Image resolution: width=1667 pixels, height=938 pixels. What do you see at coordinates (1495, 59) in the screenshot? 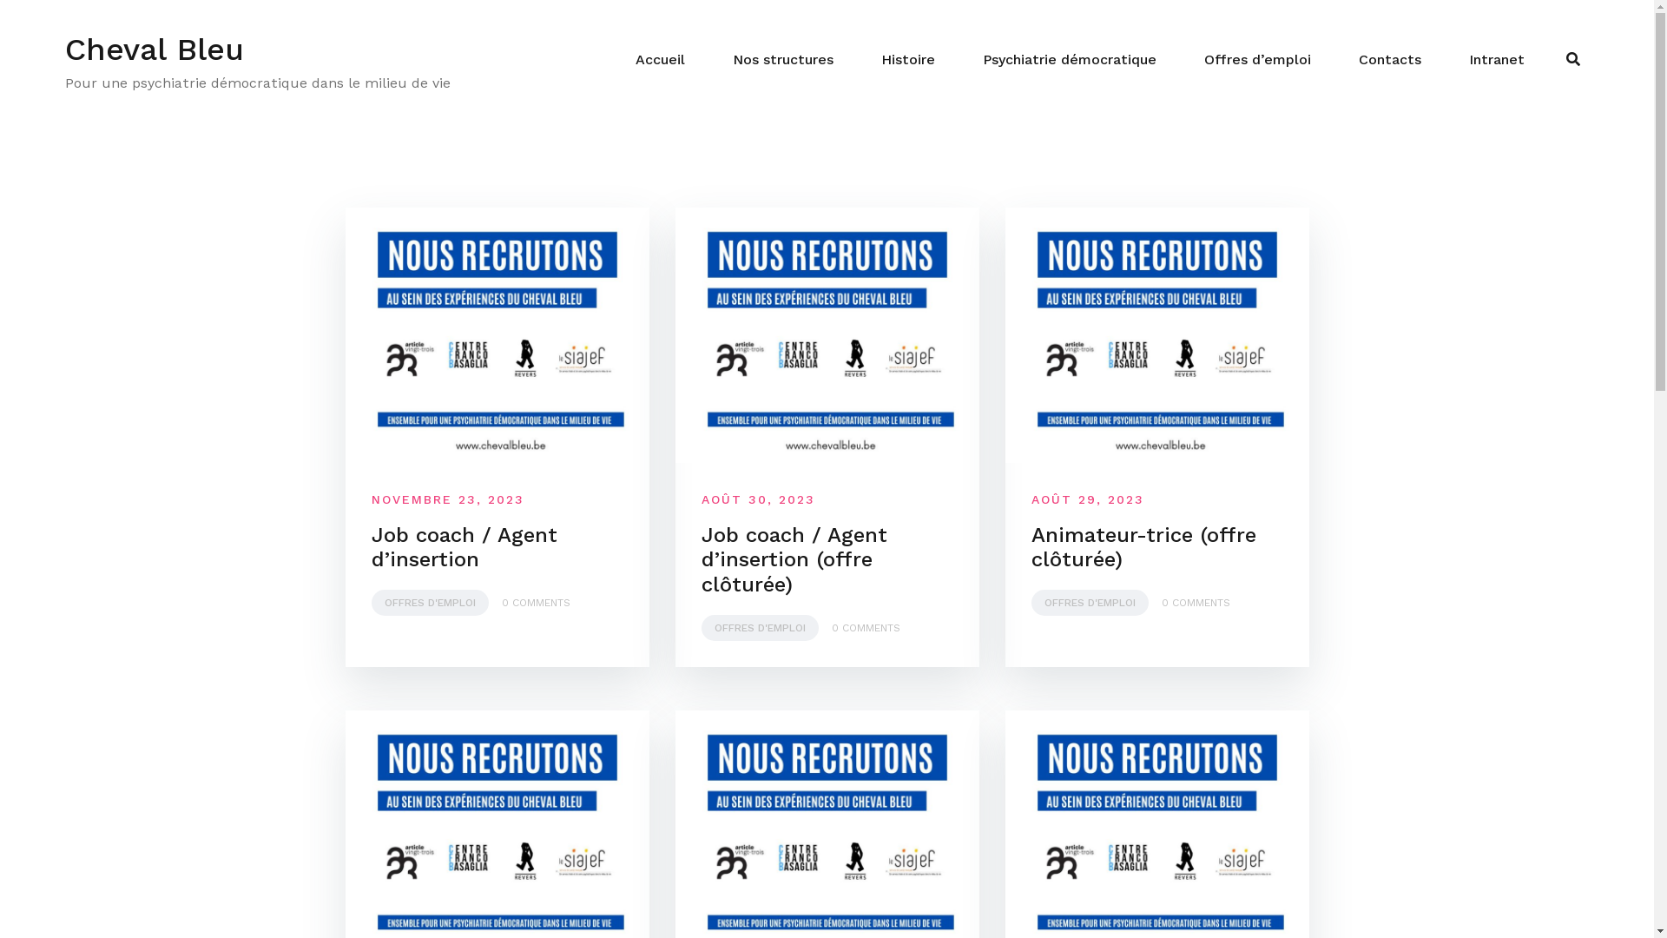
I see `'Intranet'` at bounding box center [1495, 59].